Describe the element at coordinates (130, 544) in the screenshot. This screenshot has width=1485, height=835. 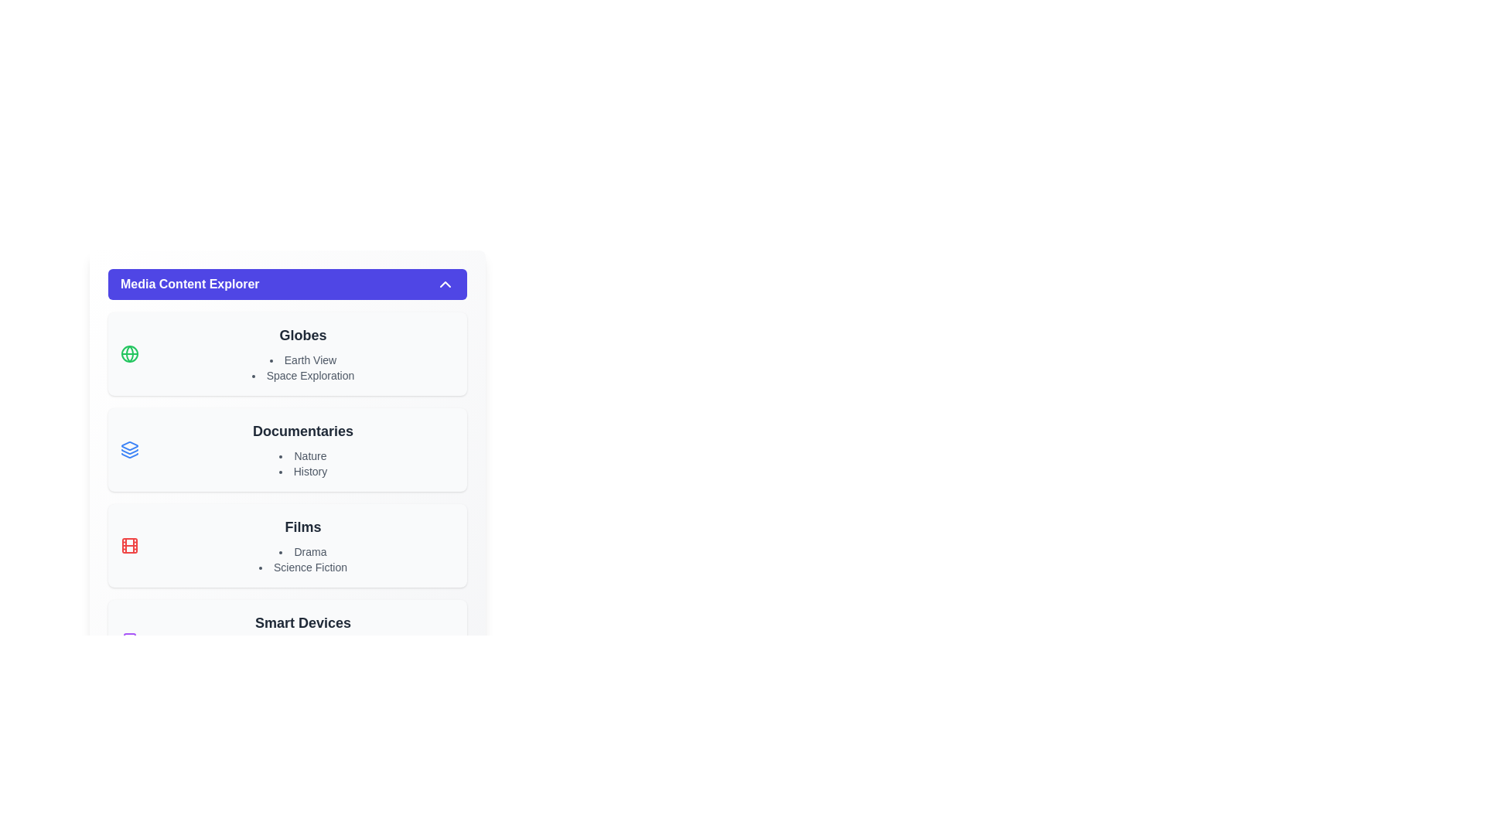
I see `the red rectangle with rounded corners located in the 'Films' section, which is part of the filmstrip icon to the left of the text 'Films'` at that location.